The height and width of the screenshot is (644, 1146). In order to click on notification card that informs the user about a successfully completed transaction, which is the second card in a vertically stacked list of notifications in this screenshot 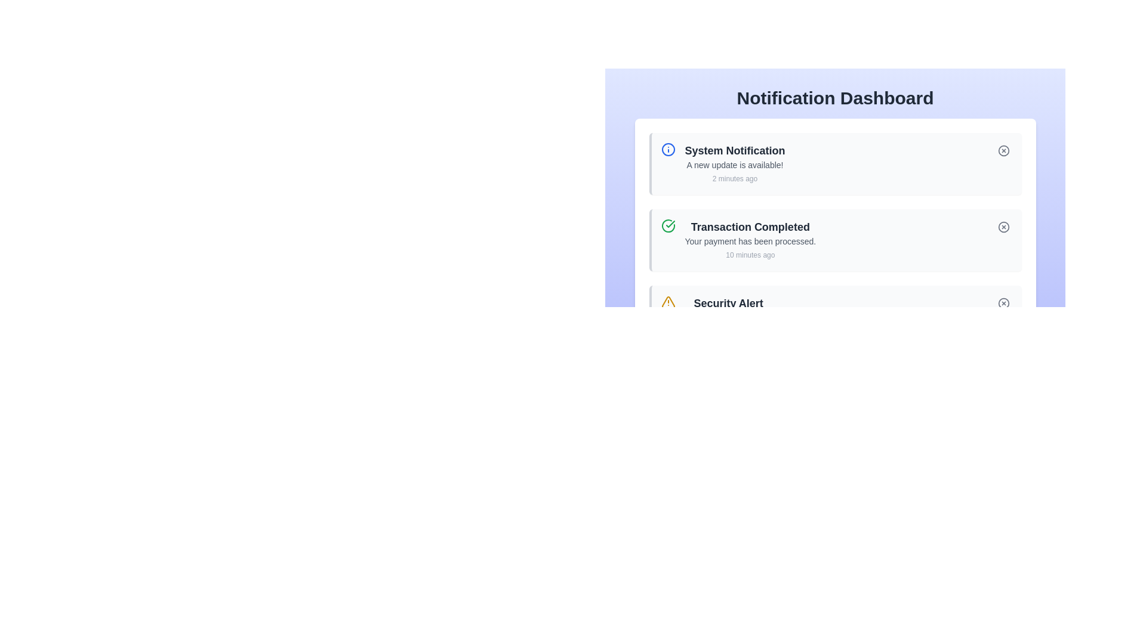, I will do `click(750, 240)`.